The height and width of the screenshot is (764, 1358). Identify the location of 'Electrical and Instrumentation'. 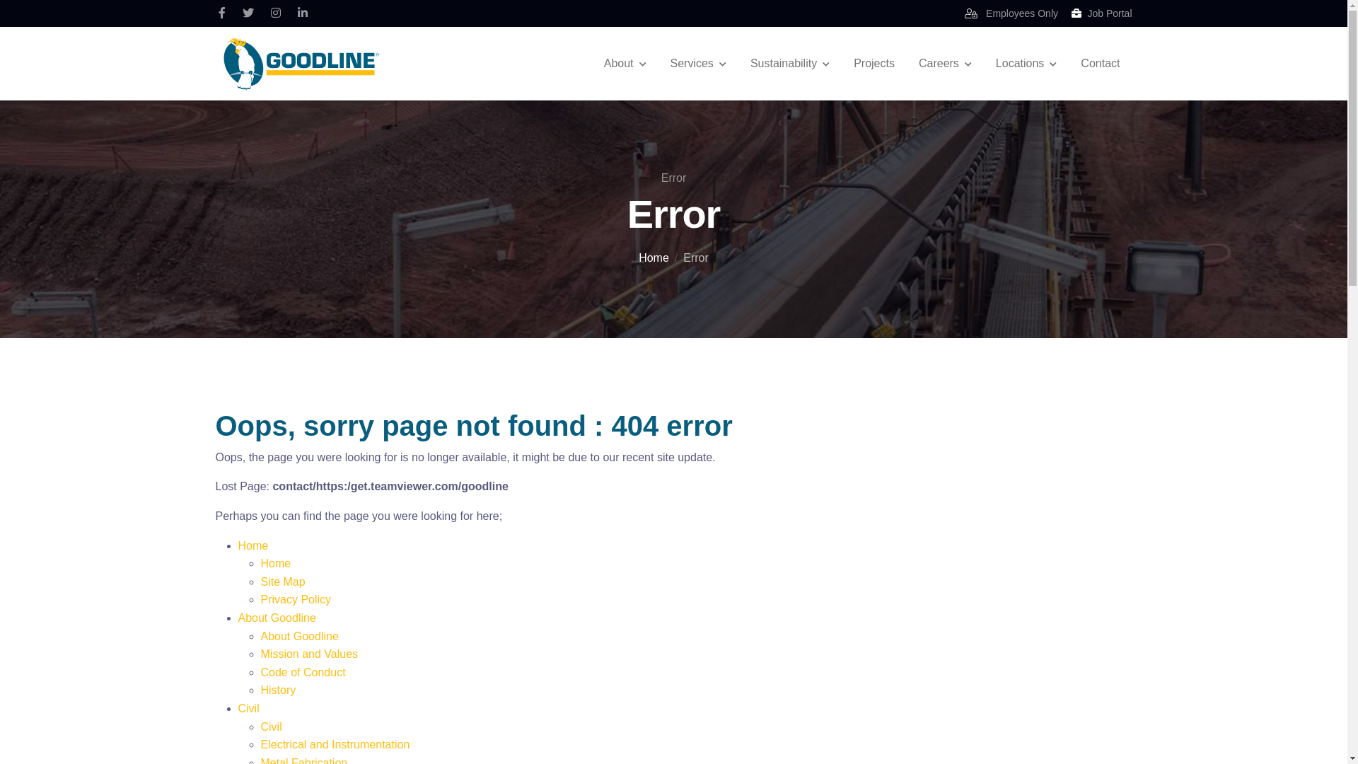
(334, 743).